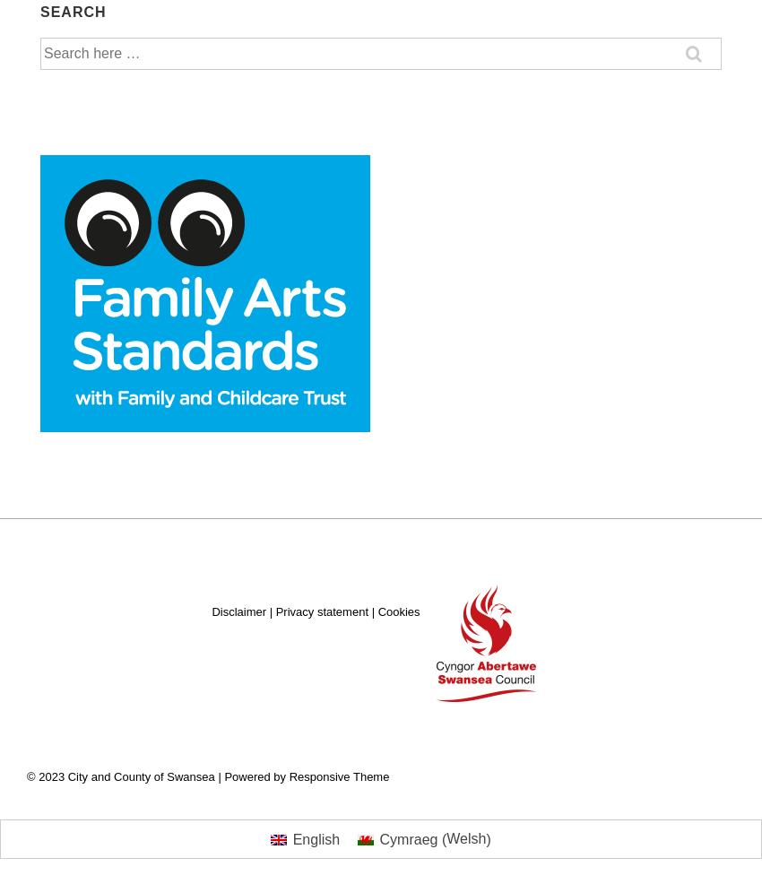 Image resolution: width=762 pixels, height=884 pixels. Describe the element at coordinates (441, 838) in the screenshot. I see `'('` at that location.